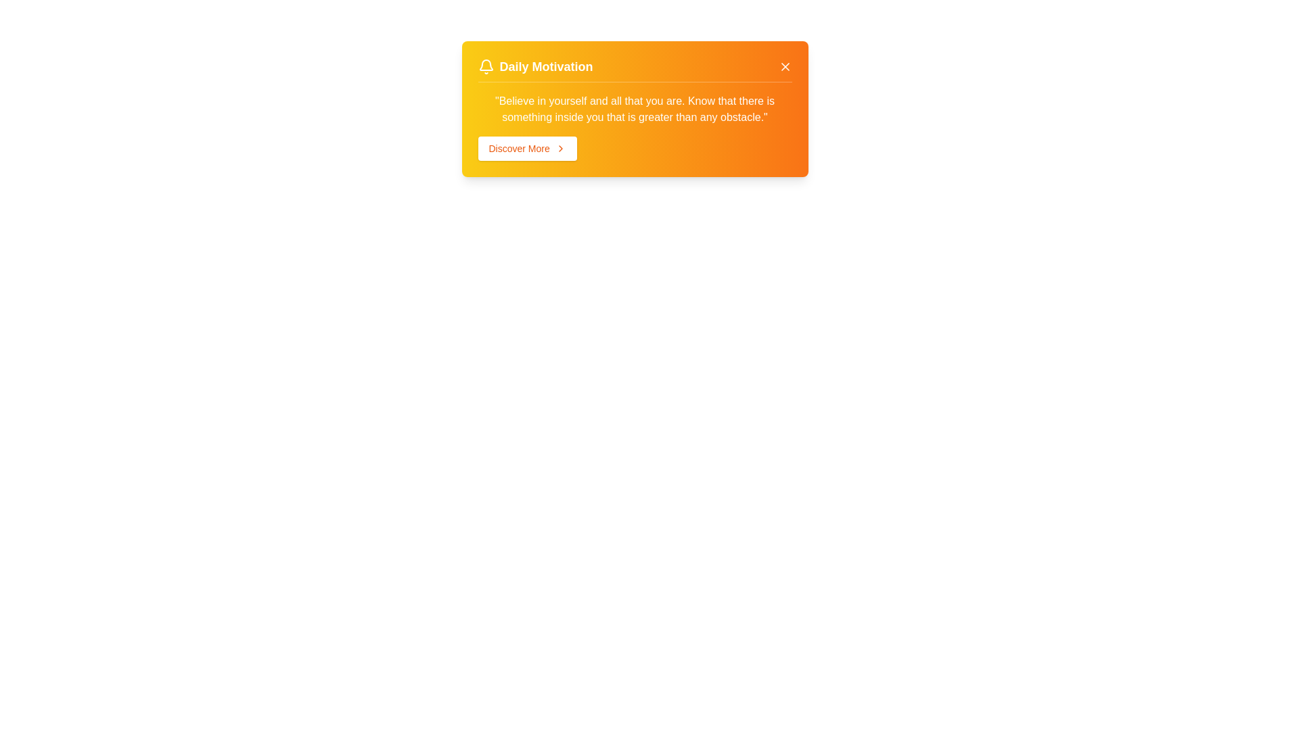  What do you see at coordinates (526, 148) in the screenshot?
I see `the 'Discover More' button to navigate to additional resources` at bounding box center [526, 148].